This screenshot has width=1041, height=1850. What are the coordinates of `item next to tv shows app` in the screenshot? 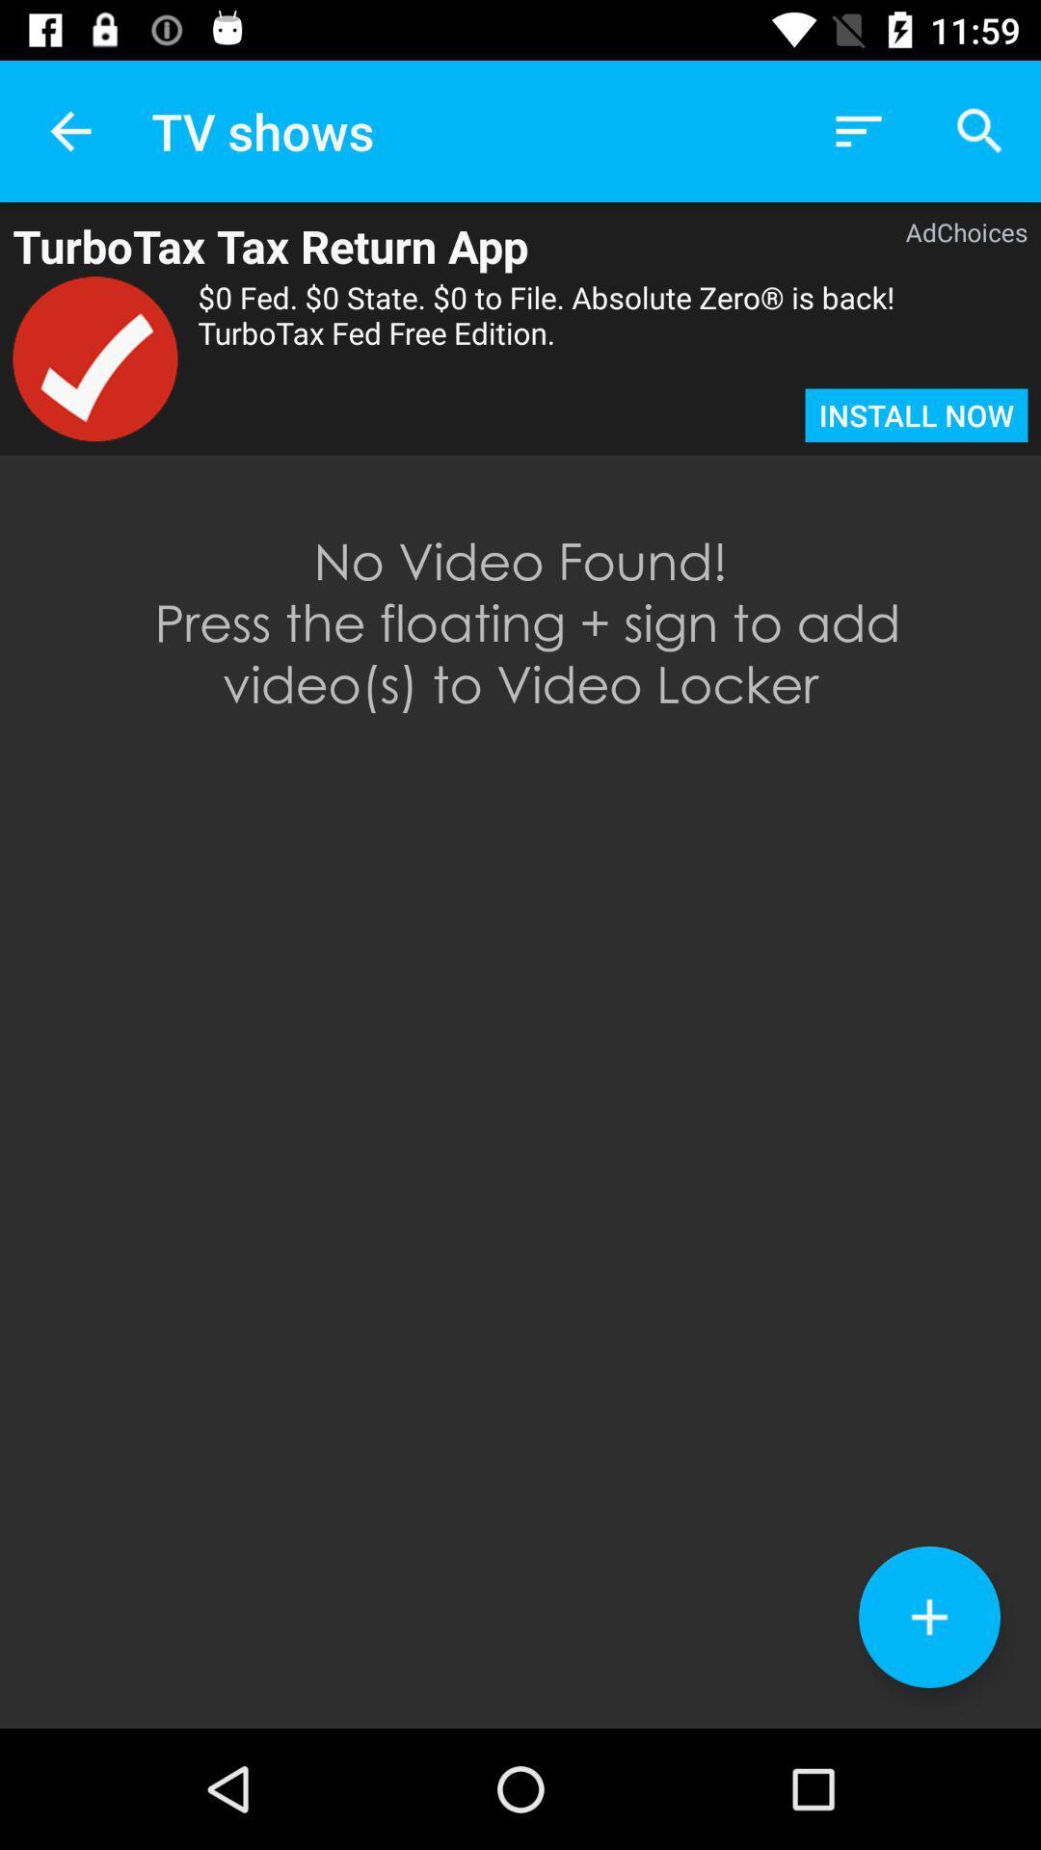 It's located at (69, 130).